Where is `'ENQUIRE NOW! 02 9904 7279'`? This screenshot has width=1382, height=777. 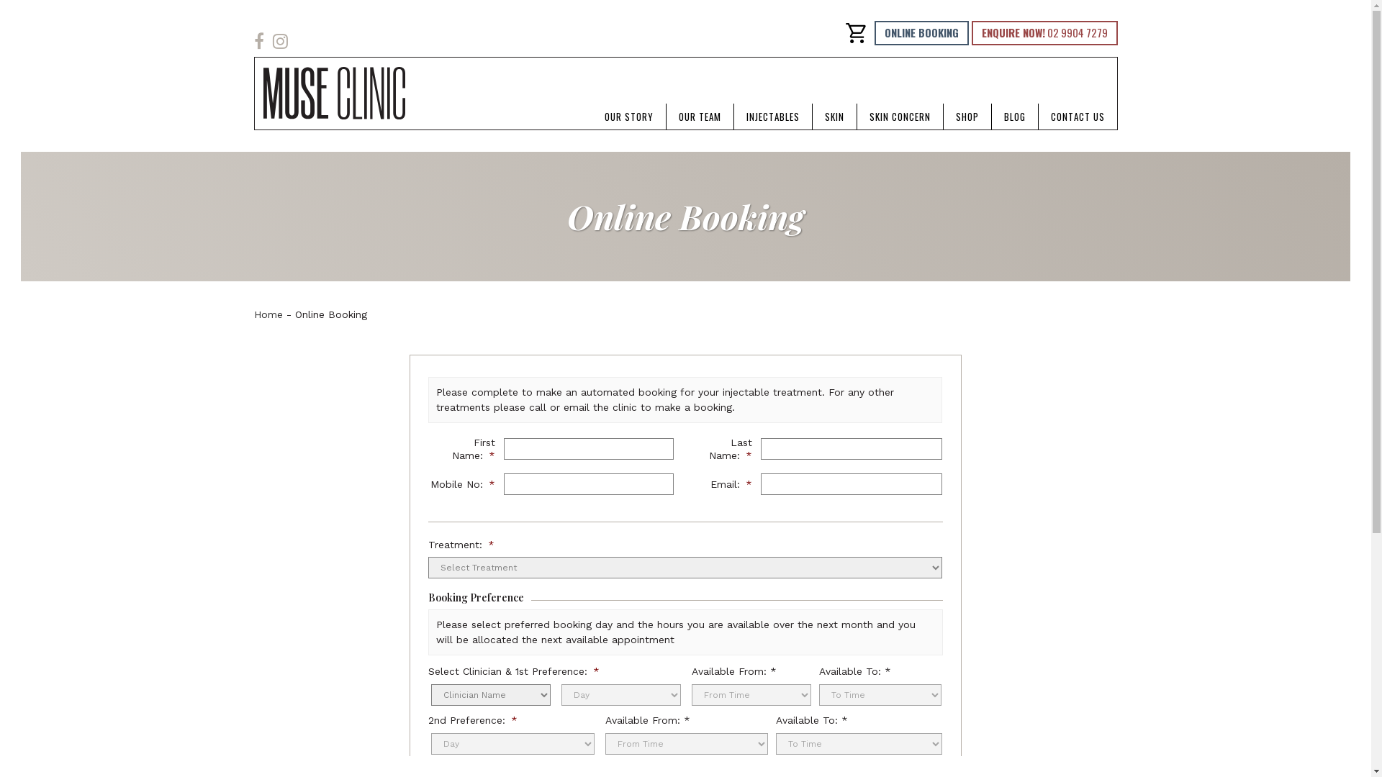 'ENQUIRE NOW! 02 9904 7279' is located at coordinates (1044, 32).